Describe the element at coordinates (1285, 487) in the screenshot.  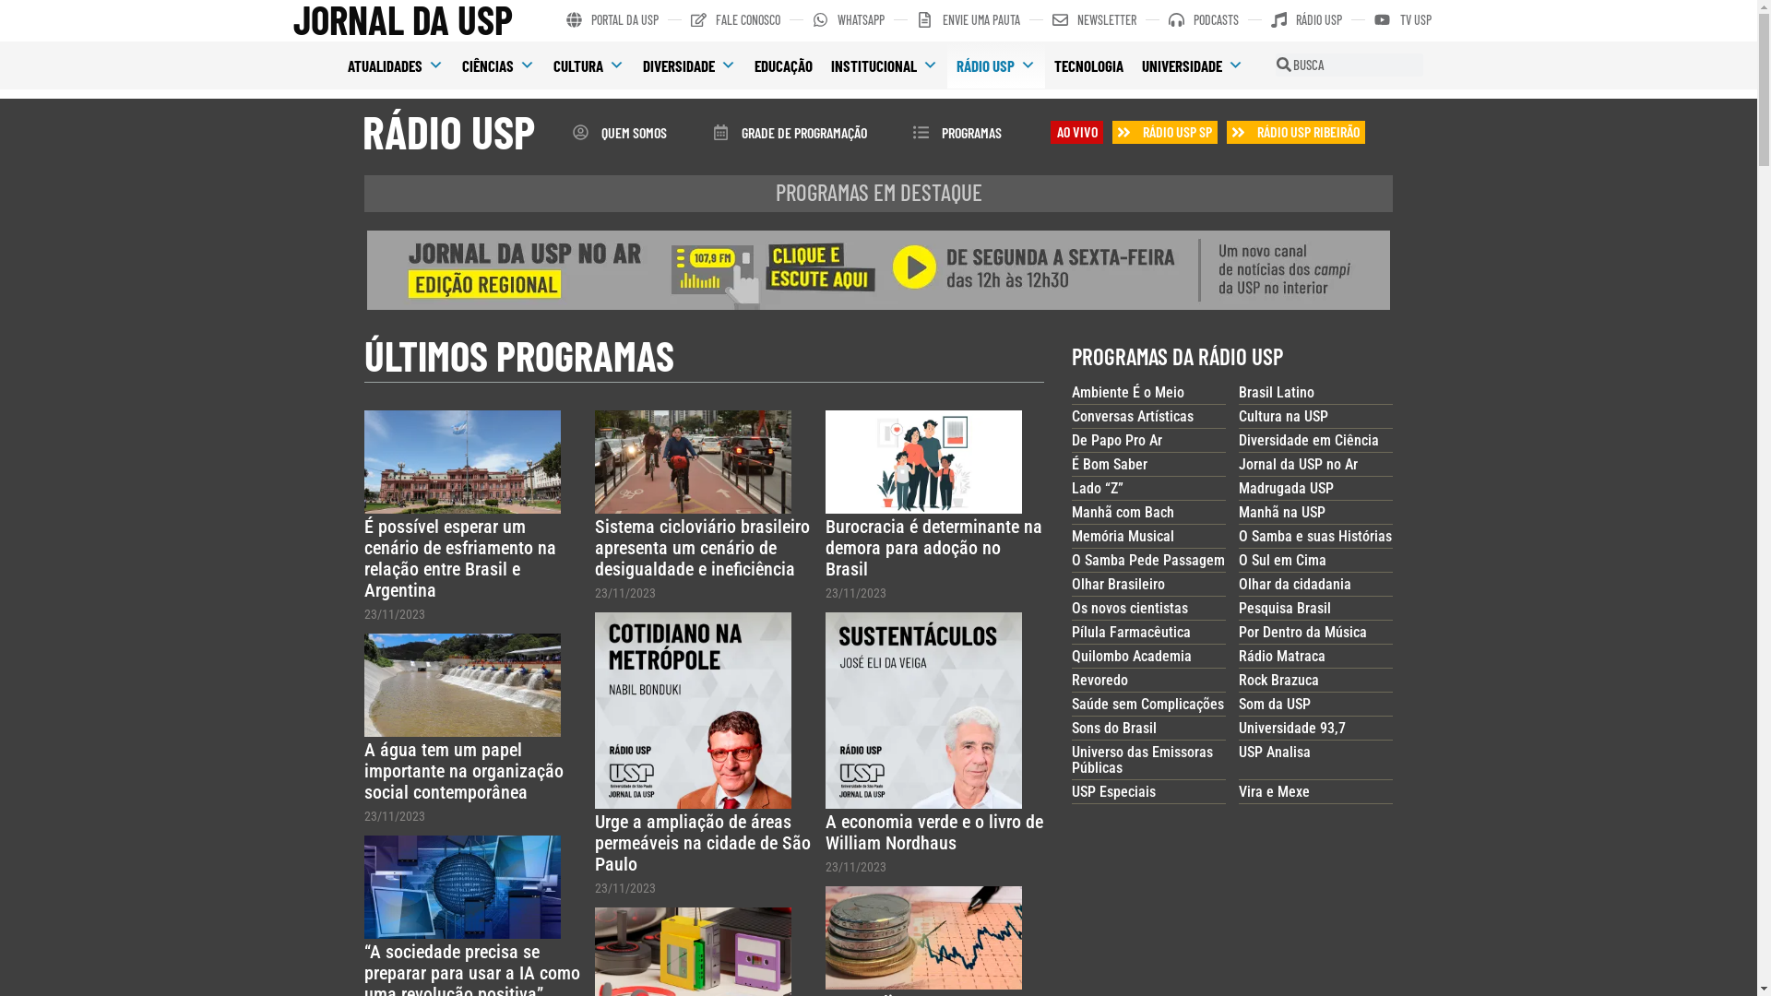
I see `'Madrugada USP'` at that location.